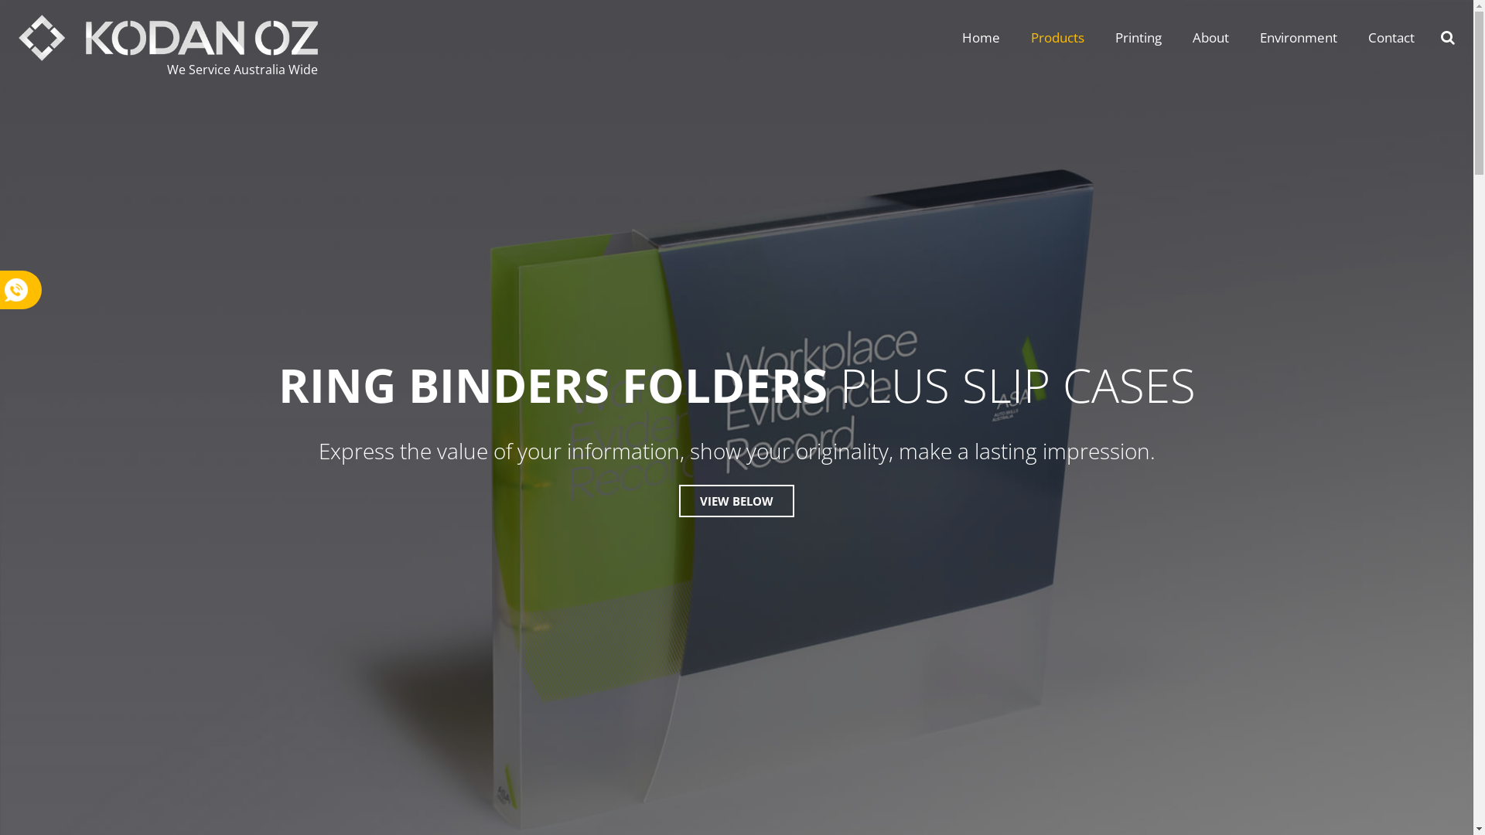  I want to click on 'Products', so click(1016, 37).